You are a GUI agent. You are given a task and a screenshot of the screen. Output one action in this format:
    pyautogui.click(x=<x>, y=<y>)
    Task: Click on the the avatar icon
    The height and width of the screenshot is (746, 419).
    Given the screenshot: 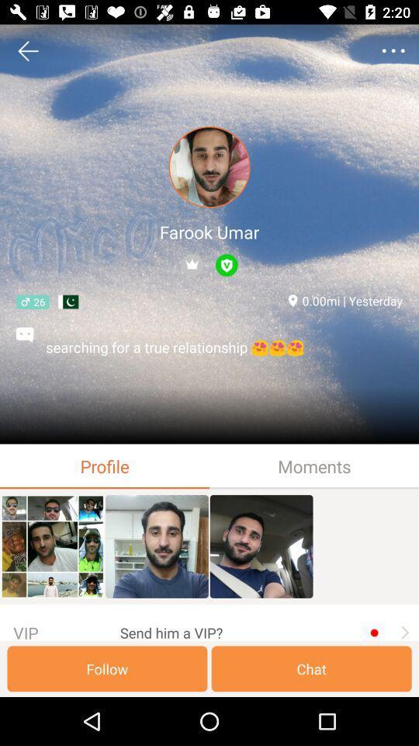 What is the action you would take?
    pyautogui.click(x=209, y=167)
    